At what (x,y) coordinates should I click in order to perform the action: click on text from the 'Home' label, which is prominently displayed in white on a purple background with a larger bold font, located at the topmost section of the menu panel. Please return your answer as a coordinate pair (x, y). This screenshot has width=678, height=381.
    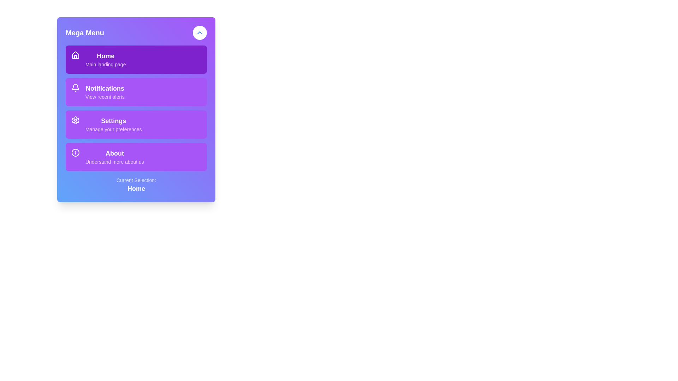
    Looking at the image, I should click on (105, 55).